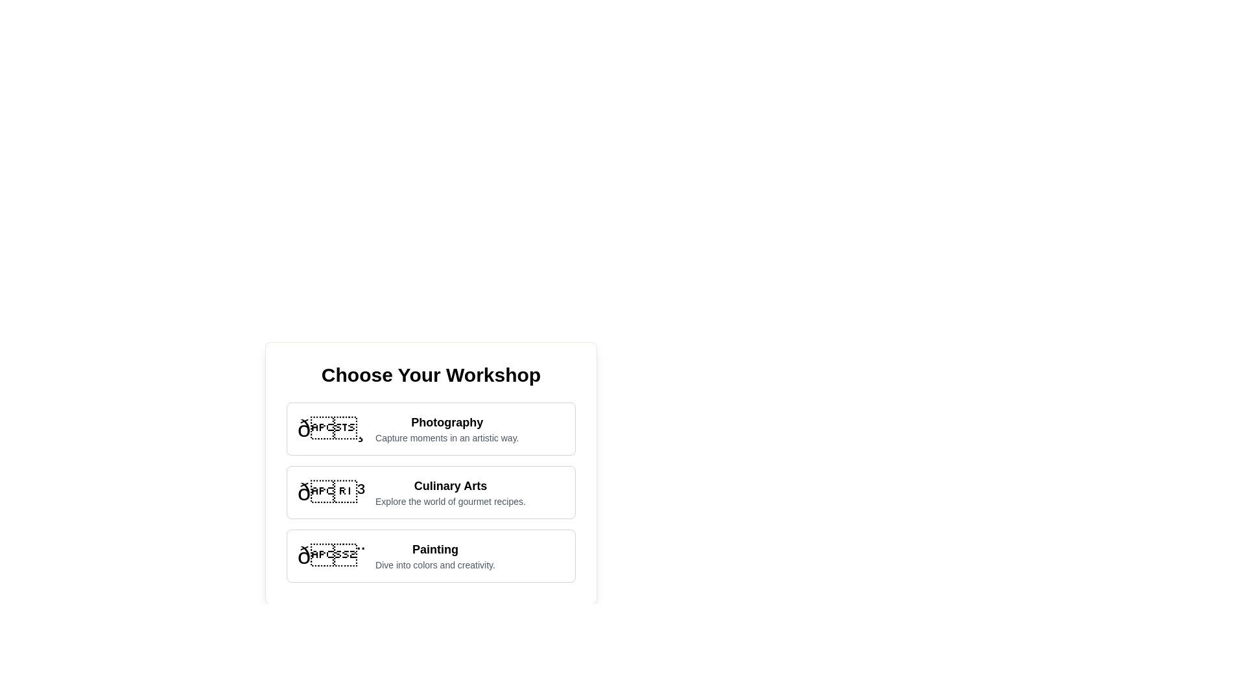  Describe the element at coordinates (435, 555) in the screenshot. I see `the informational text block titled 'Painting' which contains the subtitle 'Dive into colors and creativity.'` at that location.